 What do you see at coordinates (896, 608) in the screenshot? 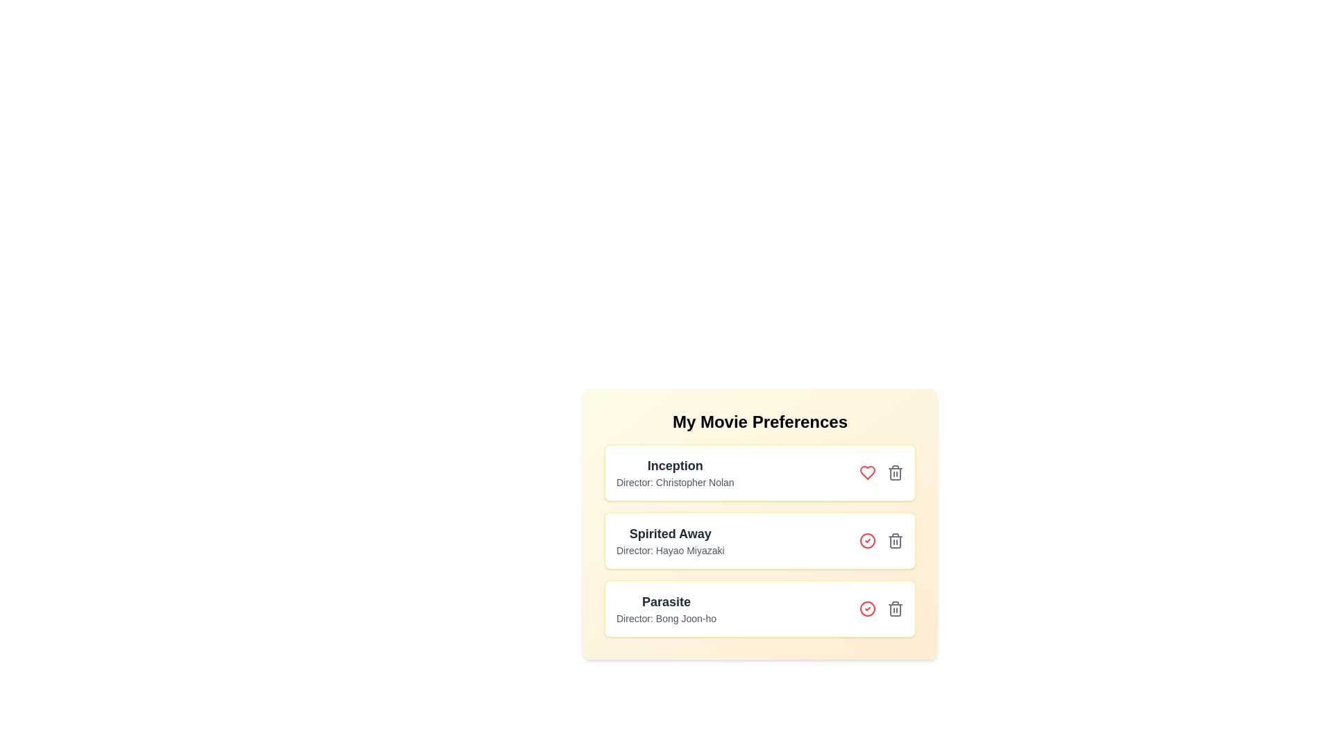
I see `the movie titled Parasite from the list by clicking its delete button` at bounding box center [896, 608].